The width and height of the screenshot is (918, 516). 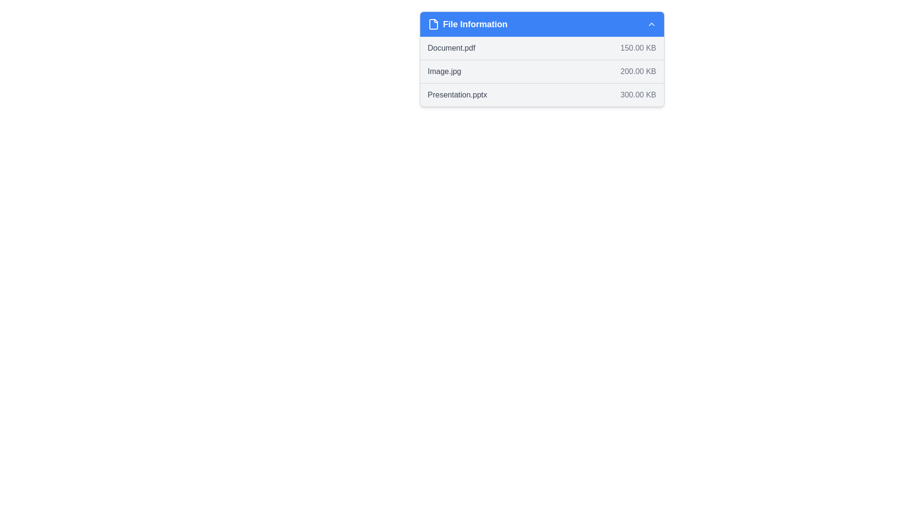 I want to click on the small file icon located on the left side of the header labeled 'File Information', so click(x=433, y=23).